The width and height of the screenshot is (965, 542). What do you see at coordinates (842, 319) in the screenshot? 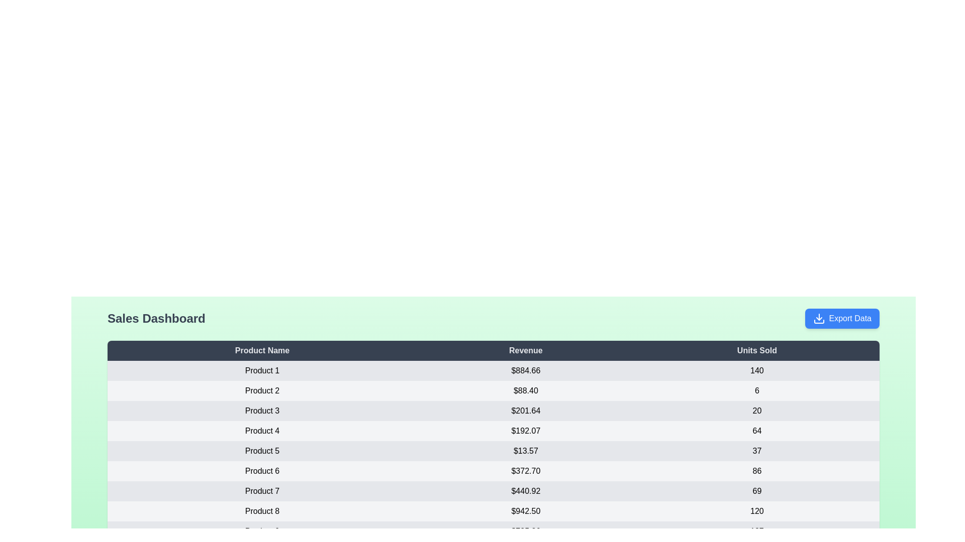
I see `the 'Export Data' button to export the table data` at bounding box center [842, 319].